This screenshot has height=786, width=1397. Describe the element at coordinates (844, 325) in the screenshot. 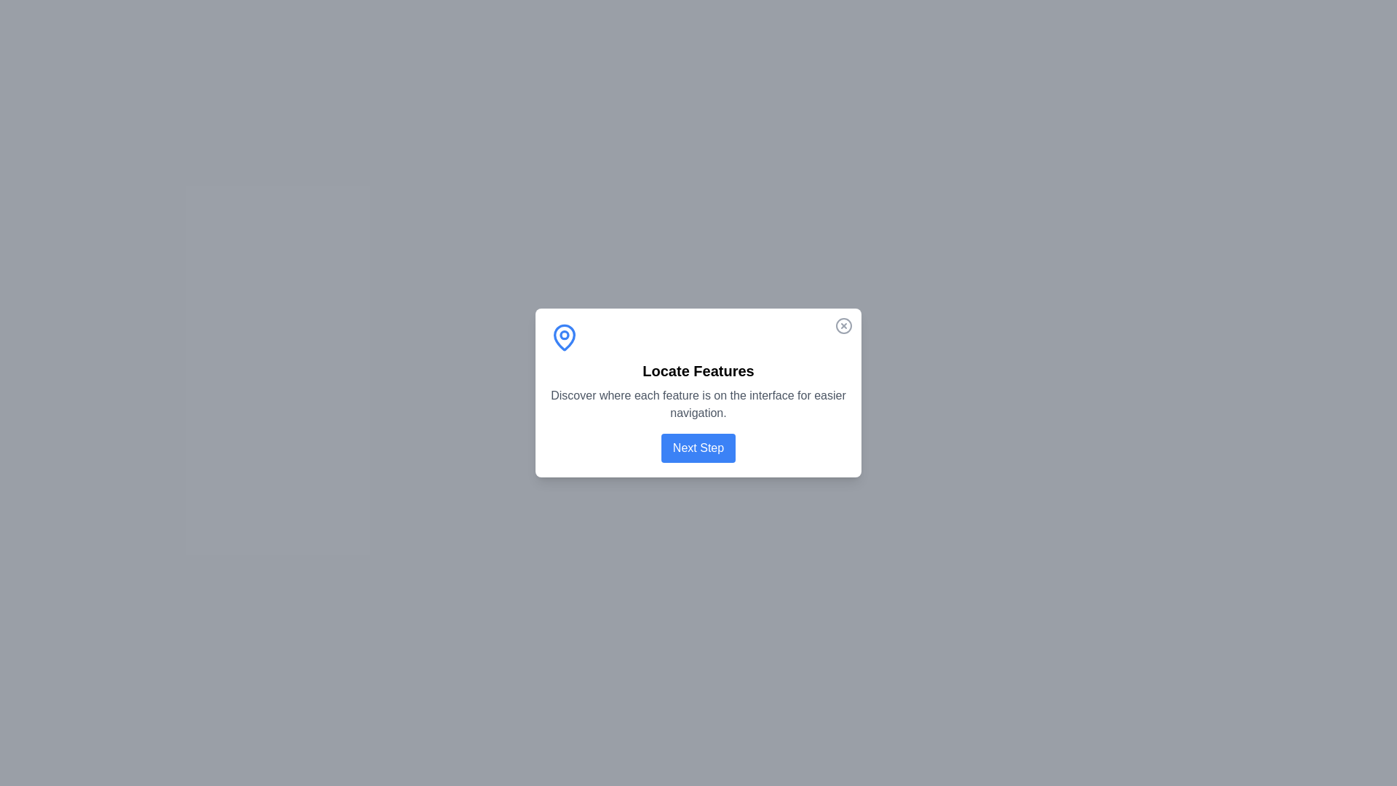

I see `the close icon to dismiss the dialog` at that location.